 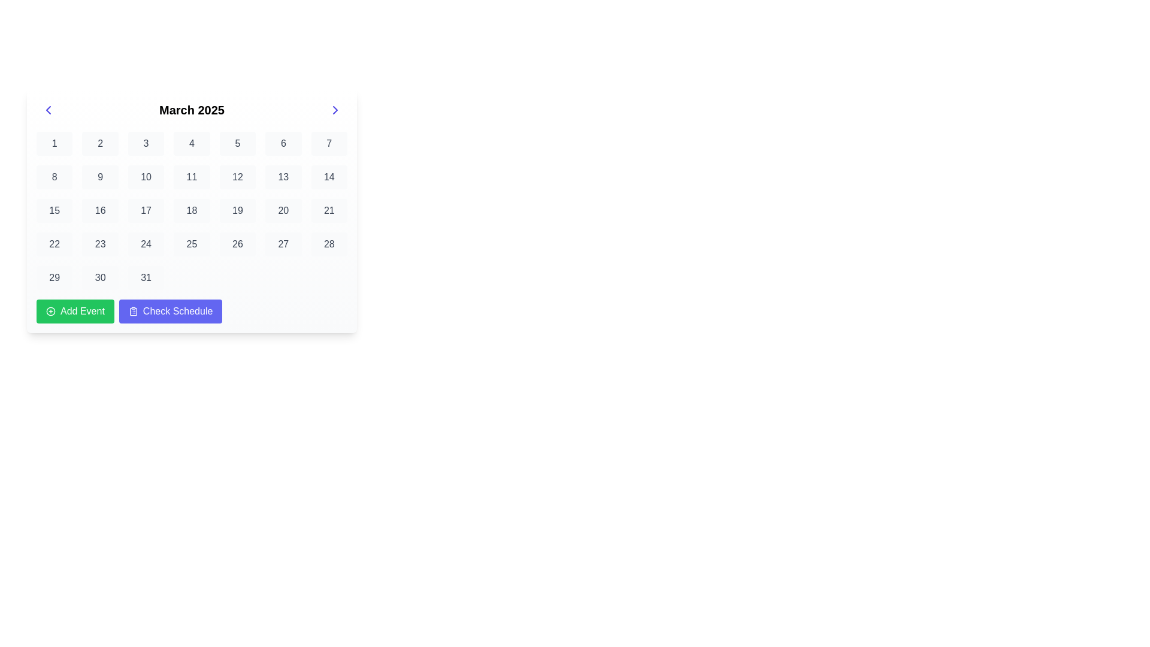 I want to click on the button-like text display labeled '24' in the calendar grid, so click(x=146, y=244).